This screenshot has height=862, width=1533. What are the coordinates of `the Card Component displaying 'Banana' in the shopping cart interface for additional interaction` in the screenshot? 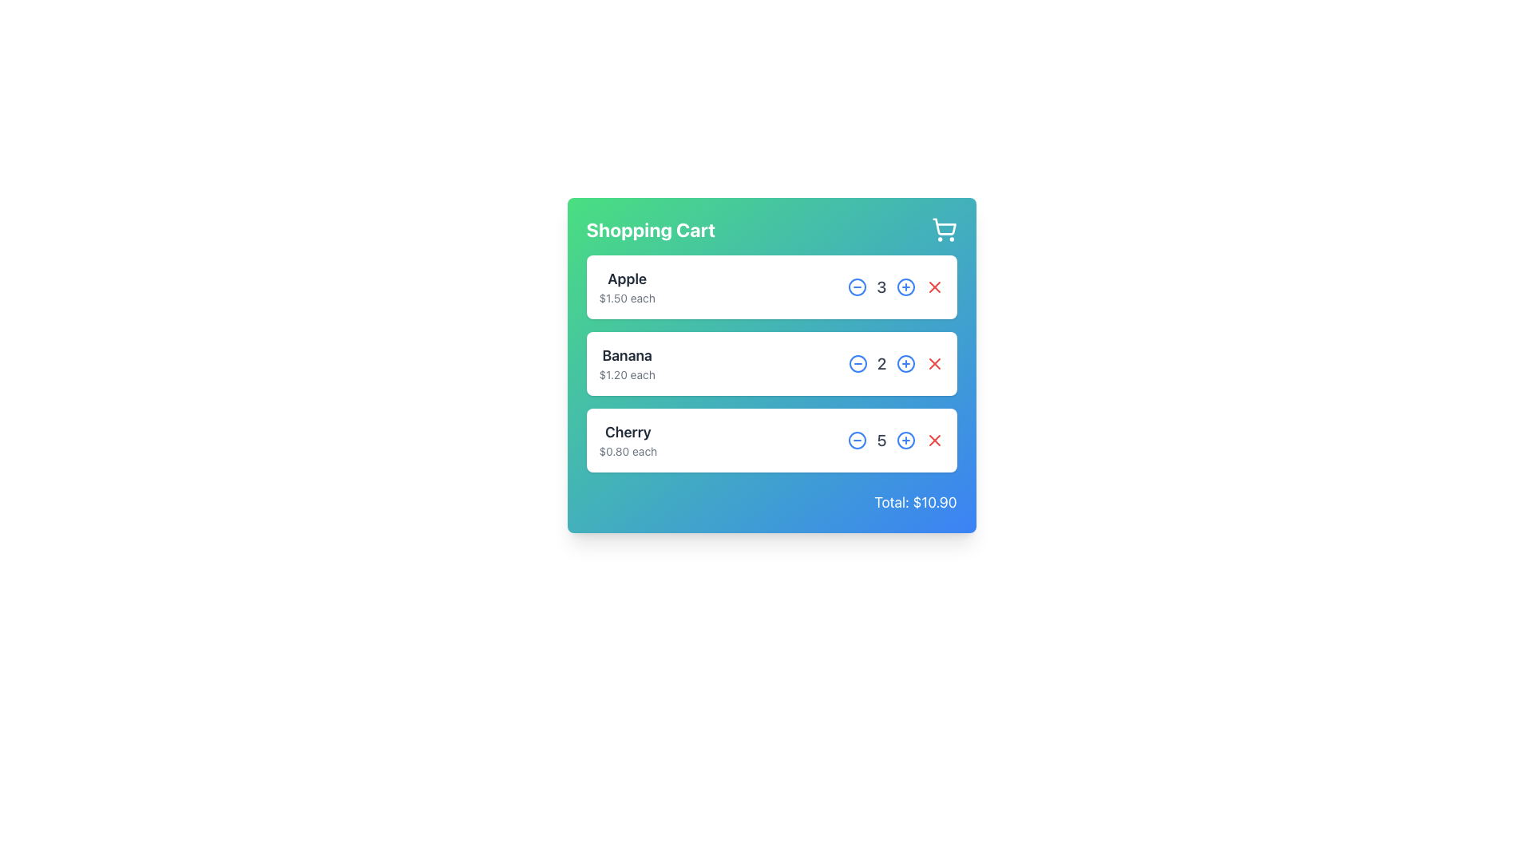 It's located at (771, 363).